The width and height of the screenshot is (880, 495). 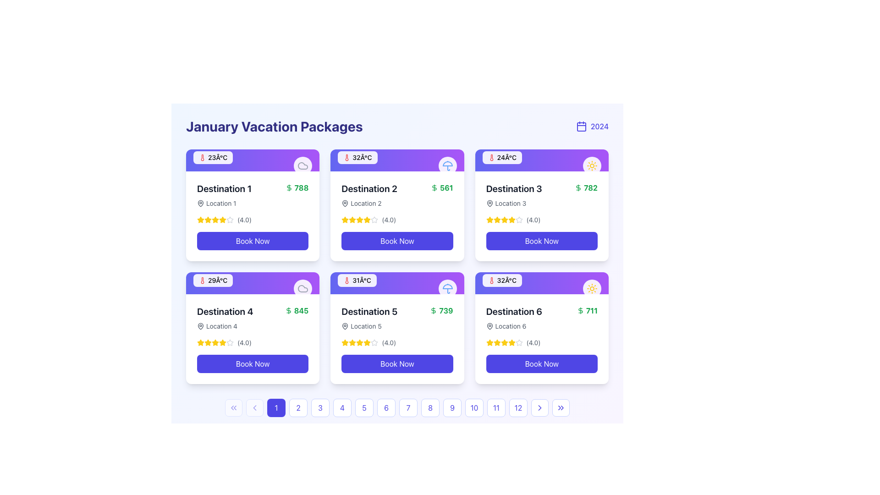 What do you see at coordinates (345, 343) in the screenshot?
I see `the yellow star icon representing a rating score of 4.0, which is the first star in a series of rating icons aligned with the 'Destination 5' card` at bounding box center [345, 343].